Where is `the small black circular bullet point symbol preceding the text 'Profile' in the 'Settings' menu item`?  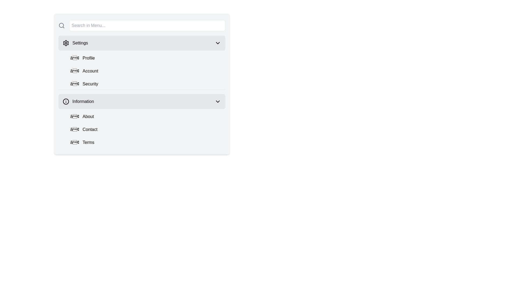
the small black circular bullet point symbol preceding the text 'Profile' in the 'Settings' menu item is located at coordinates (74, 58).